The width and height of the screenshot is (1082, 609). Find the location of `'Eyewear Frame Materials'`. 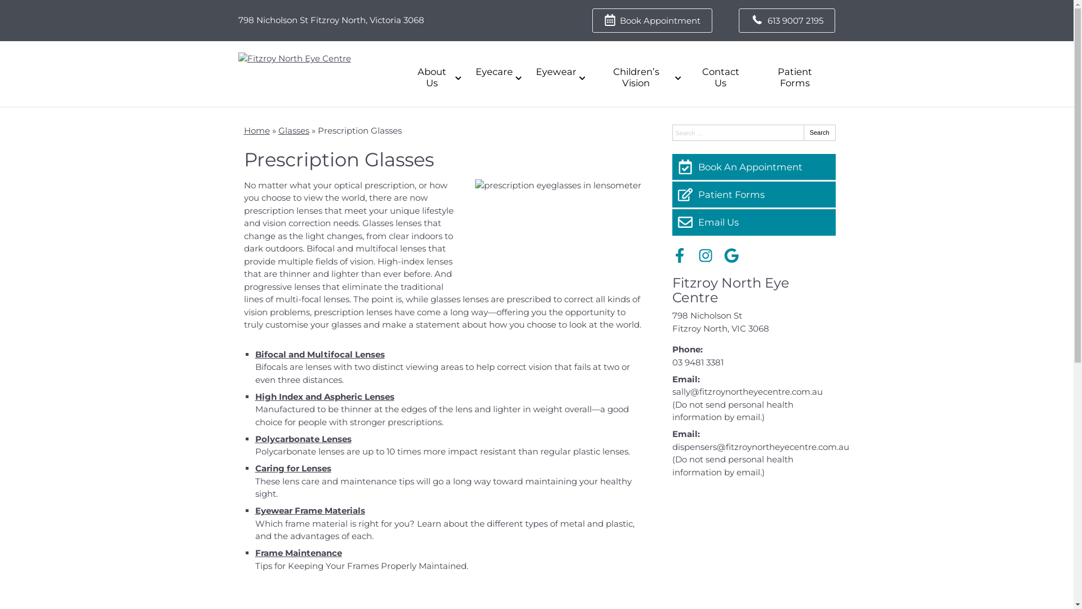

'Eyewear Frame Materials' is located at coordinates (309, 510).